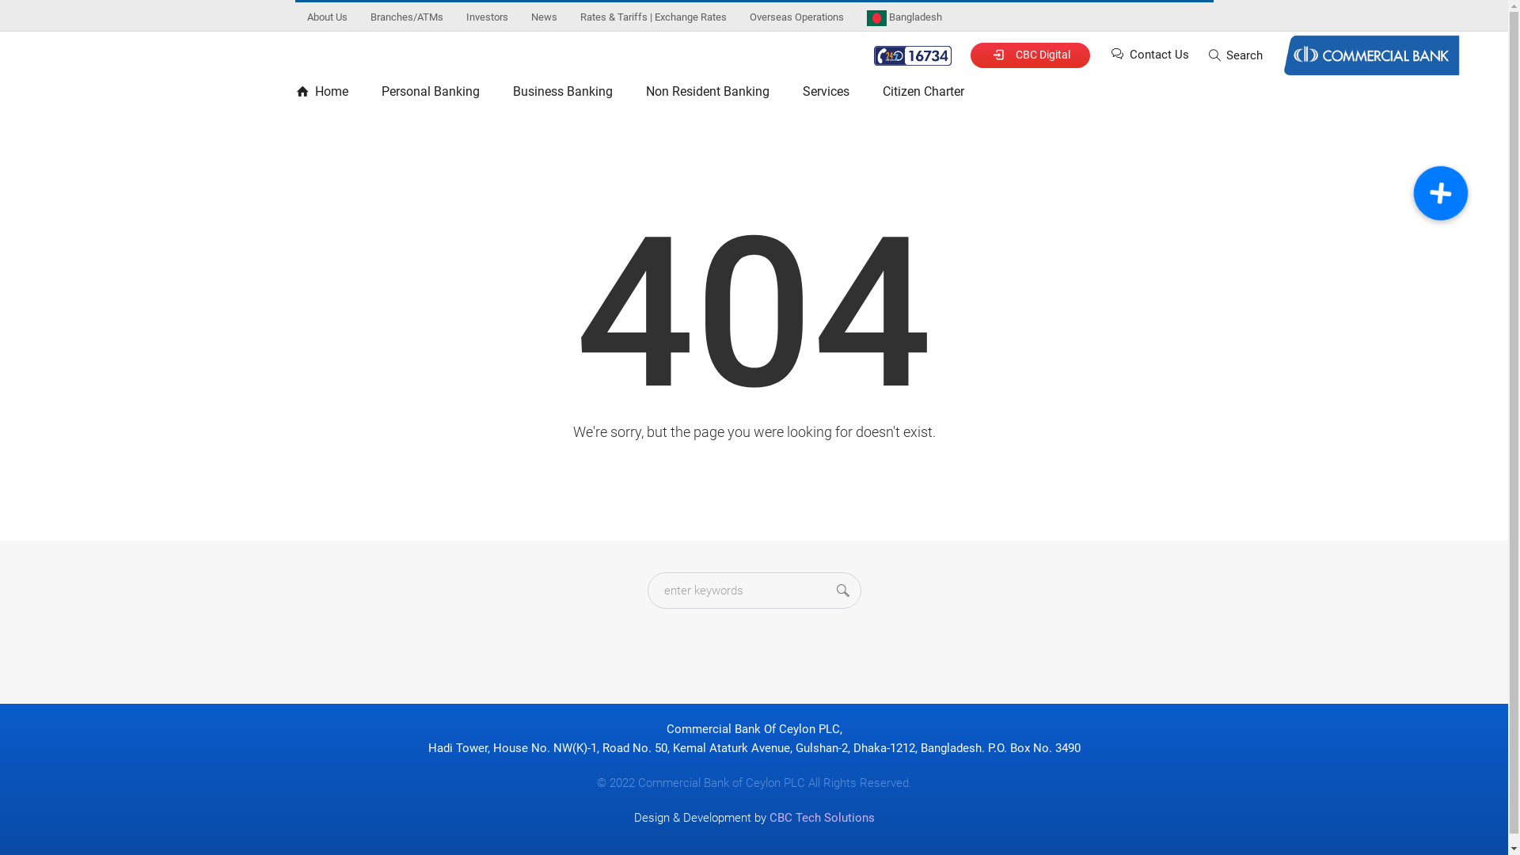  Describe the element at coordinates (1108, 54) in the screenshot. I see `'Contact Us'` at that location.